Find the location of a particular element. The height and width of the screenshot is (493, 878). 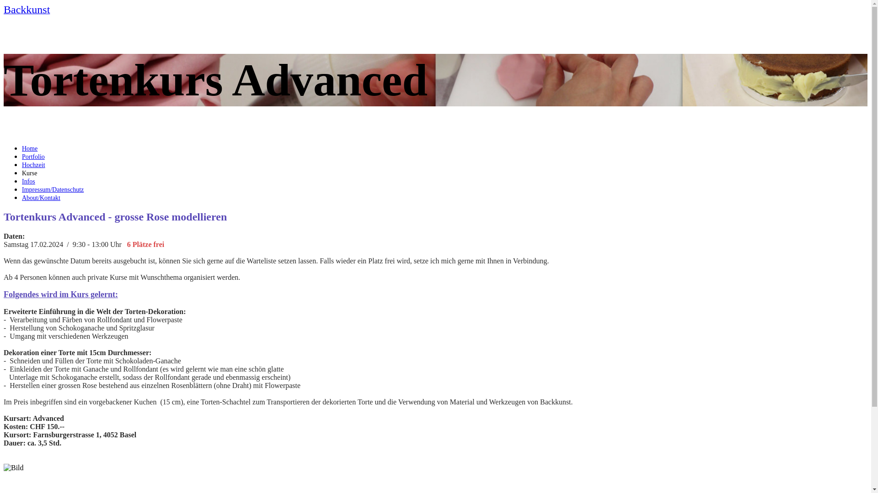

'Kurse' is located at coordinates (29, 173).